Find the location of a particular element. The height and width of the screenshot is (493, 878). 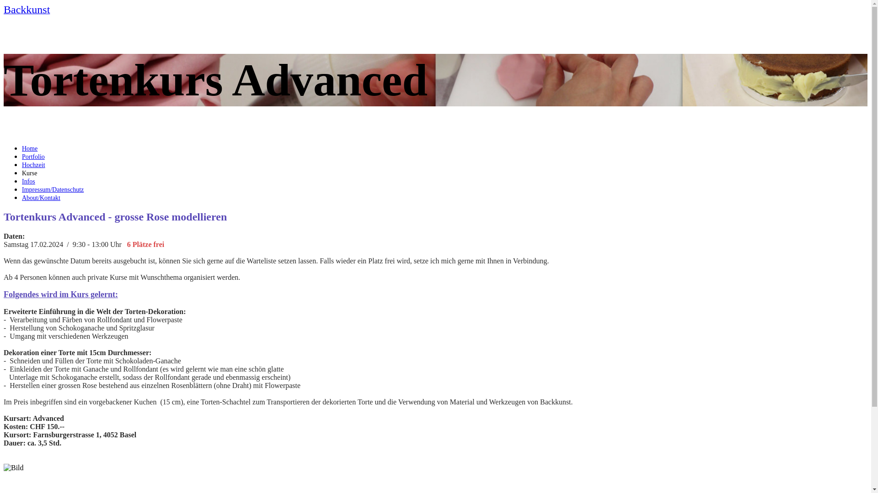

'Kurse' is located at coordinates (29, 173).